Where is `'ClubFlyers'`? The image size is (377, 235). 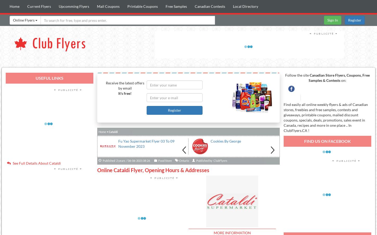
'ClubFlyers' is located at coordinates (220, 160).